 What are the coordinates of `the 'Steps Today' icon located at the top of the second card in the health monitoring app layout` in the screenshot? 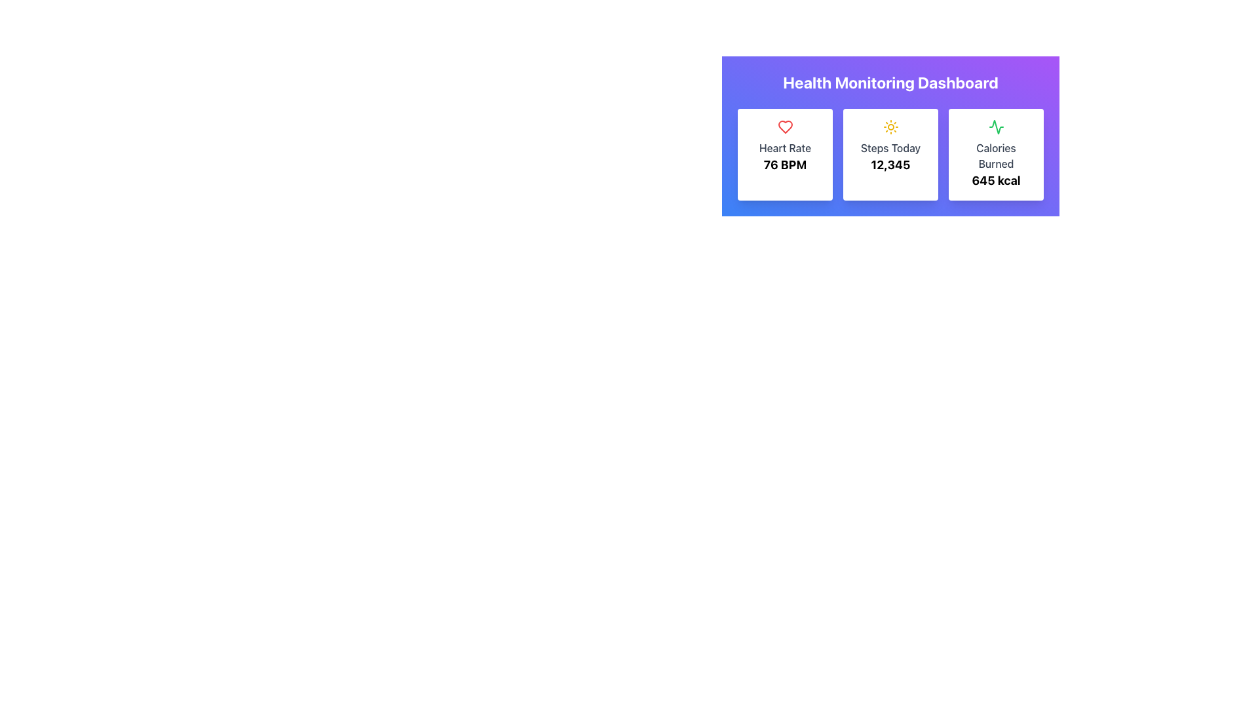 It's located at (890, 127).